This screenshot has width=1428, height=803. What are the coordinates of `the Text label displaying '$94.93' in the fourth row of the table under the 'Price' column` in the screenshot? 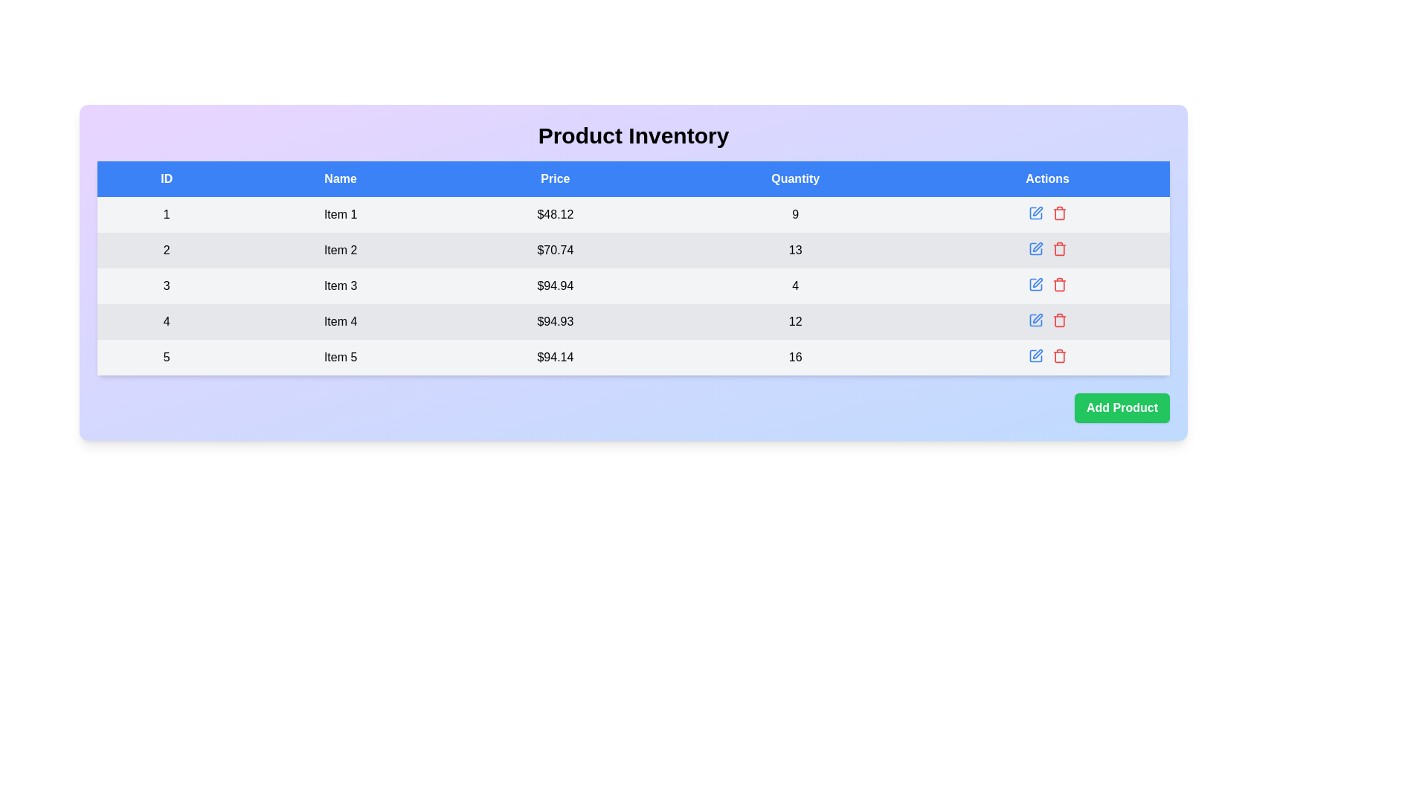 It's located at (554, 320).